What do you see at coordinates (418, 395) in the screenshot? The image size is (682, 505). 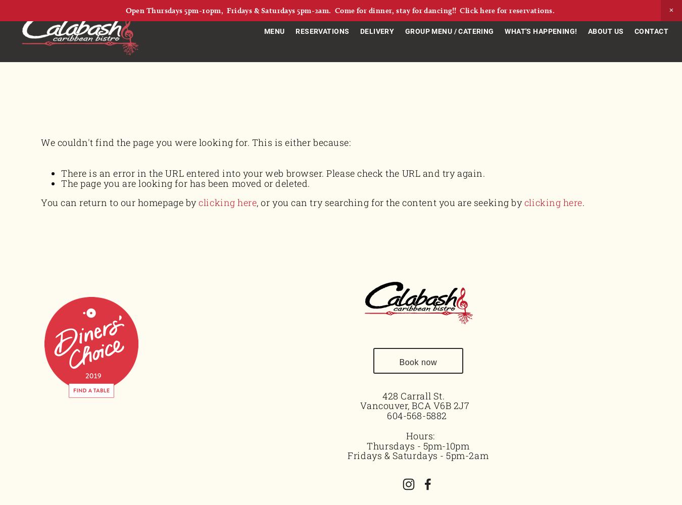 I see `'428 Carrall St.'` at bounding box center [418, 395].